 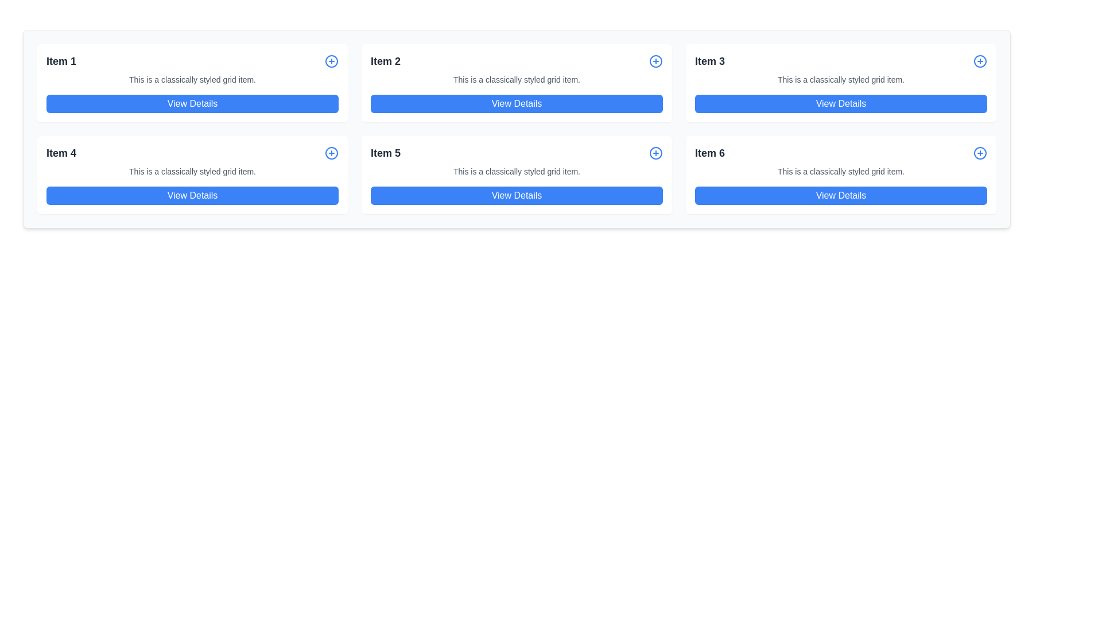 I want to click on the static text located in the sixth grid item, which provides descriptive information about the grid item, situated below the 'Item 6' title and above the 'View Details' button, so click(x=841, y=172).